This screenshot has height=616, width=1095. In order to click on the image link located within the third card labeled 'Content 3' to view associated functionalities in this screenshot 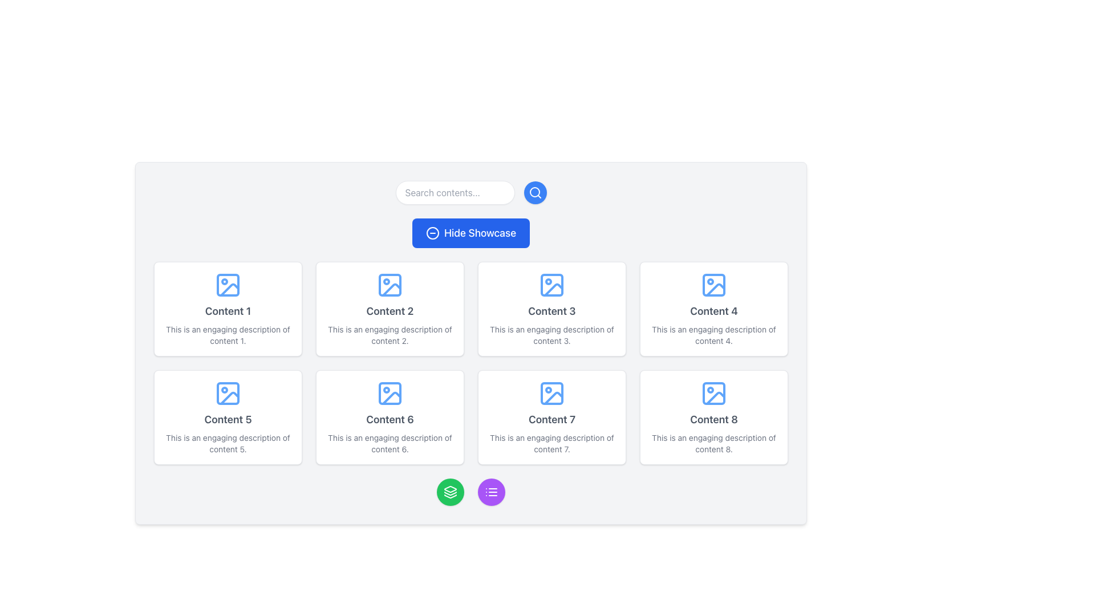, I will do `click(552, 285)`.